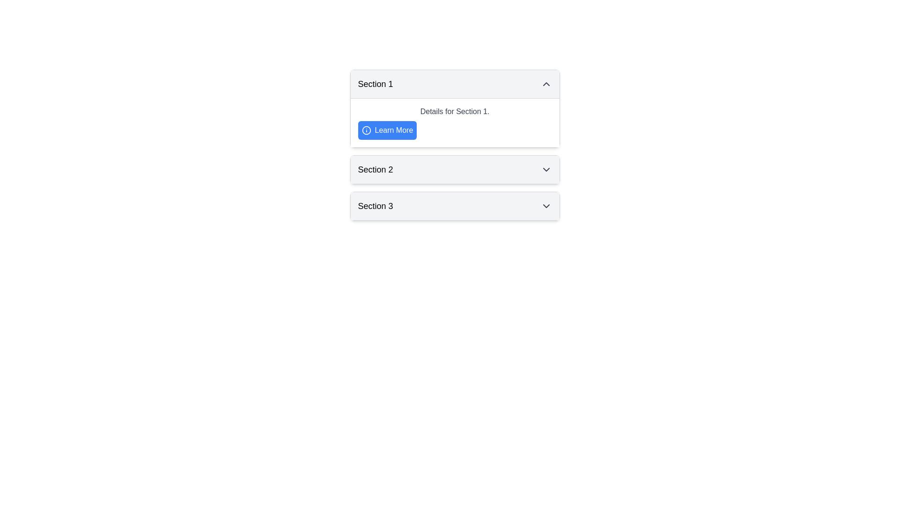 This screenshot has width=899, height=505. Describe the element at coordinates (387, 130) in the screenshot. I see `the 'Learn More' button, which is a rectangular button with a blue background, white bold text, and an information icon, located near the bottom center of the 'Section 1' panel` at that location.